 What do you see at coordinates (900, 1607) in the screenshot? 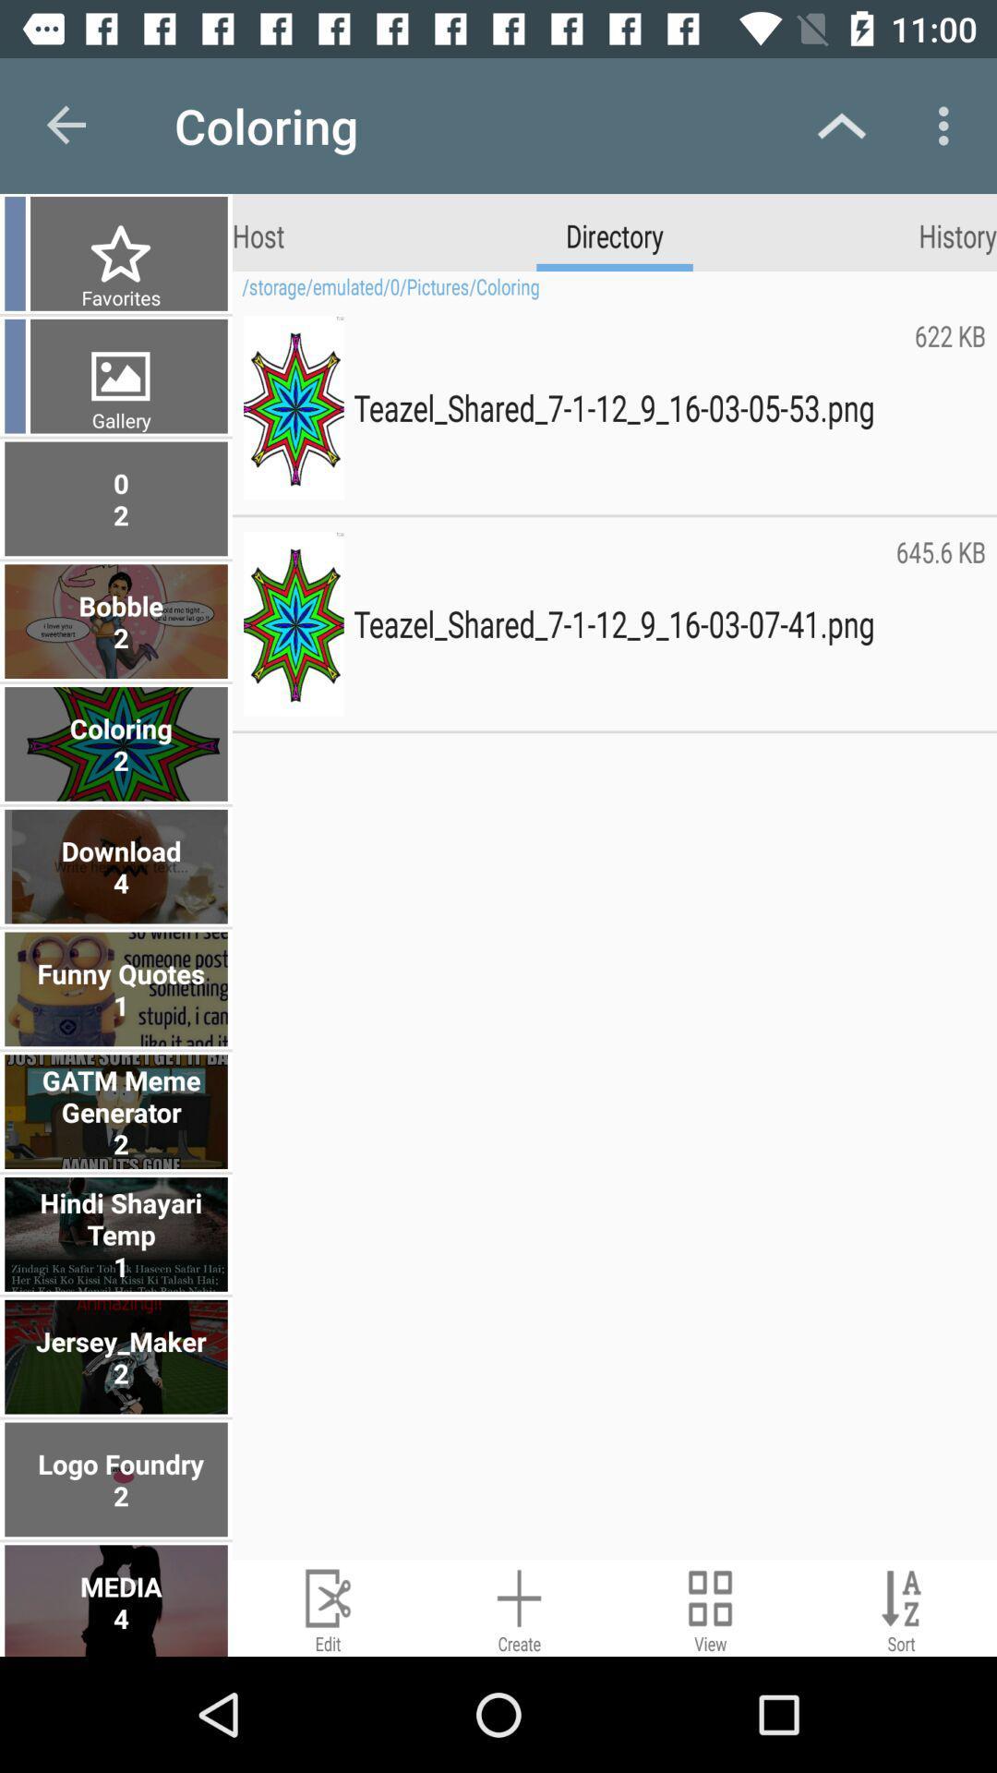
I see `sort a to z` at bounding box center [900, 1607].